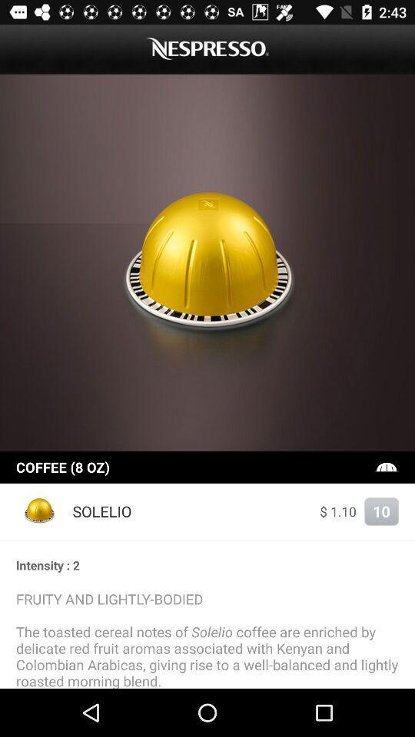  What do you see at coordinates (338, 511) in the screenshot?
I see `the $ 1.10 icon` at bounding box center [338, 511].